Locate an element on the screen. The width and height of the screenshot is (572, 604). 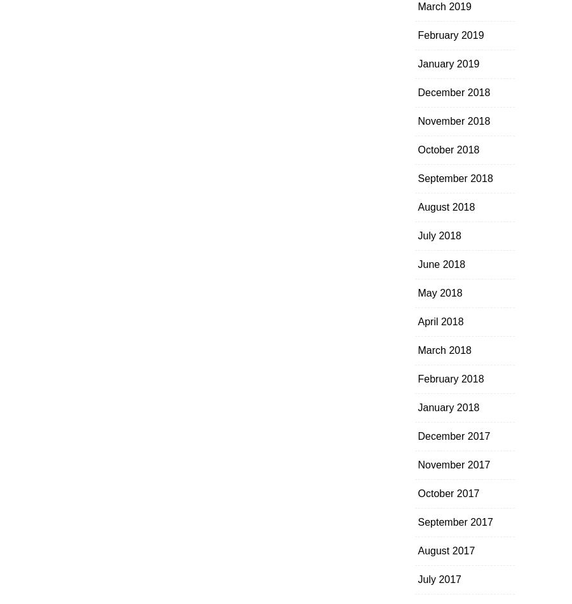
'December 2018' is located at coordinates (453, 92).